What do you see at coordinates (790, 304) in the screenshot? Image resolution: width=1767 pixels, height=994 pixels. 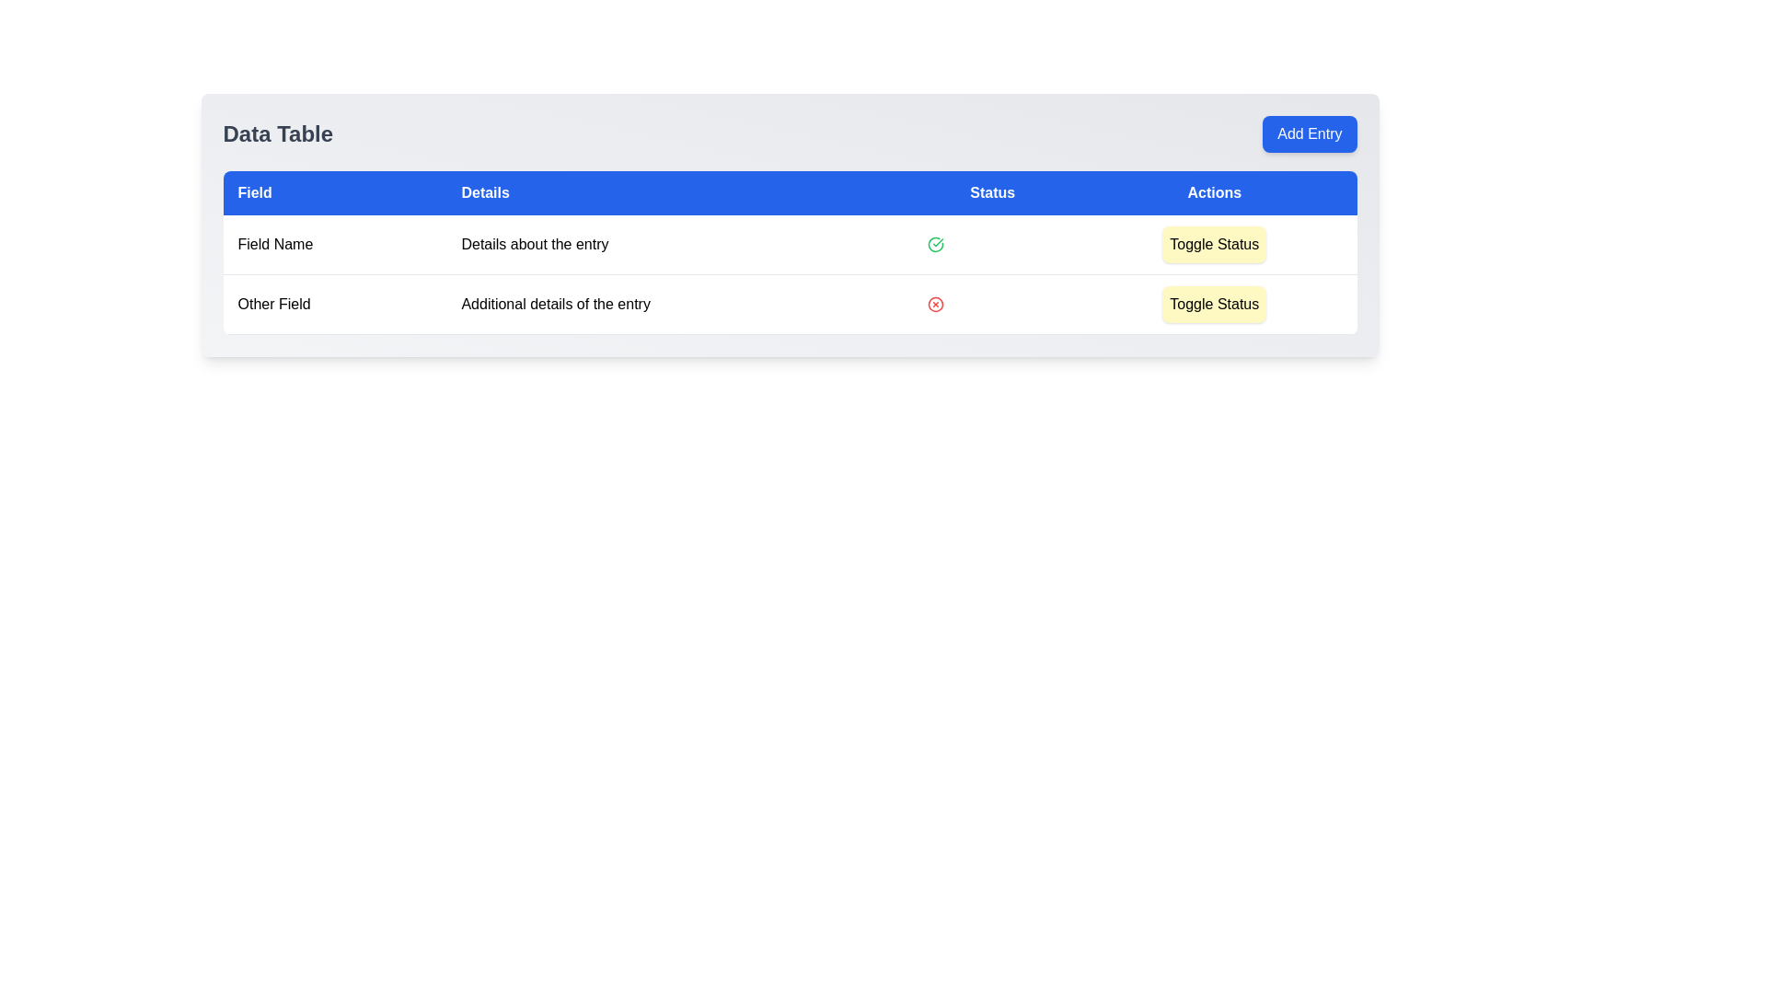 I see `the second row of the table` at bounding box center [790, 304].